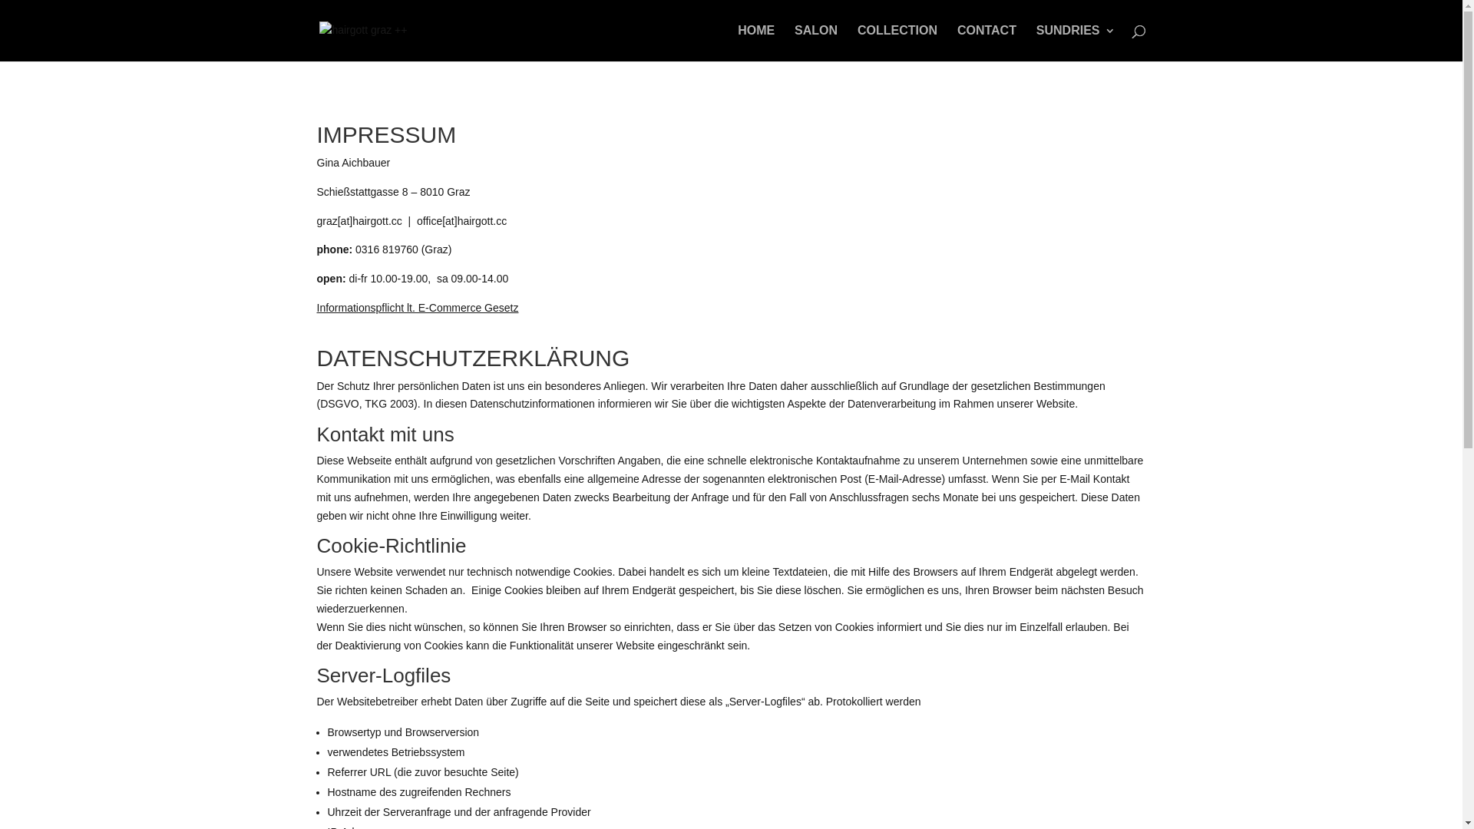 This screenshot has height=829, width=1474. Describe the element at coordinates (1075, 42) in the screenshot. I see `'SUNDRIES'` at that location.